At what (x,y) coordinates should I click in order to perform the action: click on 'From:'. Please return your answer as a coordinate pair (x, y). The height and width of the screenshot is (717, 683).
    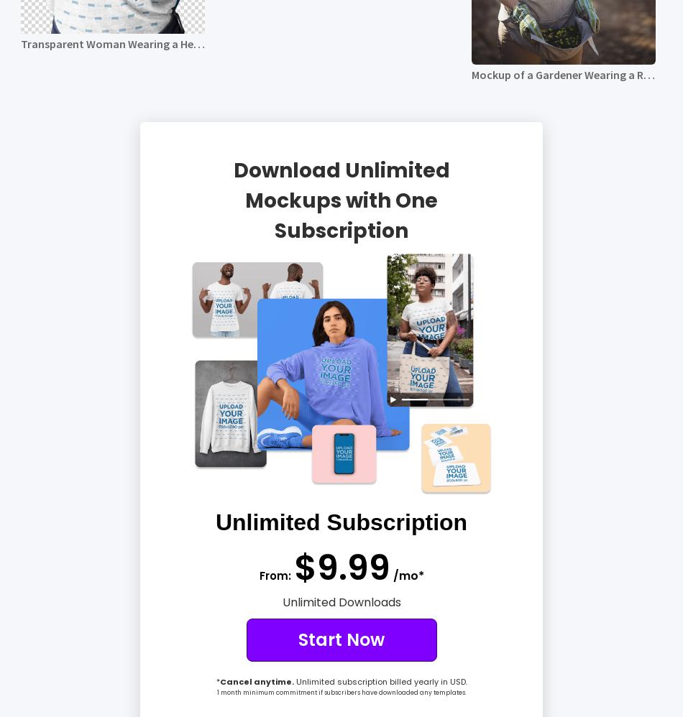
    Looking at the image, I should click on (273, 575).